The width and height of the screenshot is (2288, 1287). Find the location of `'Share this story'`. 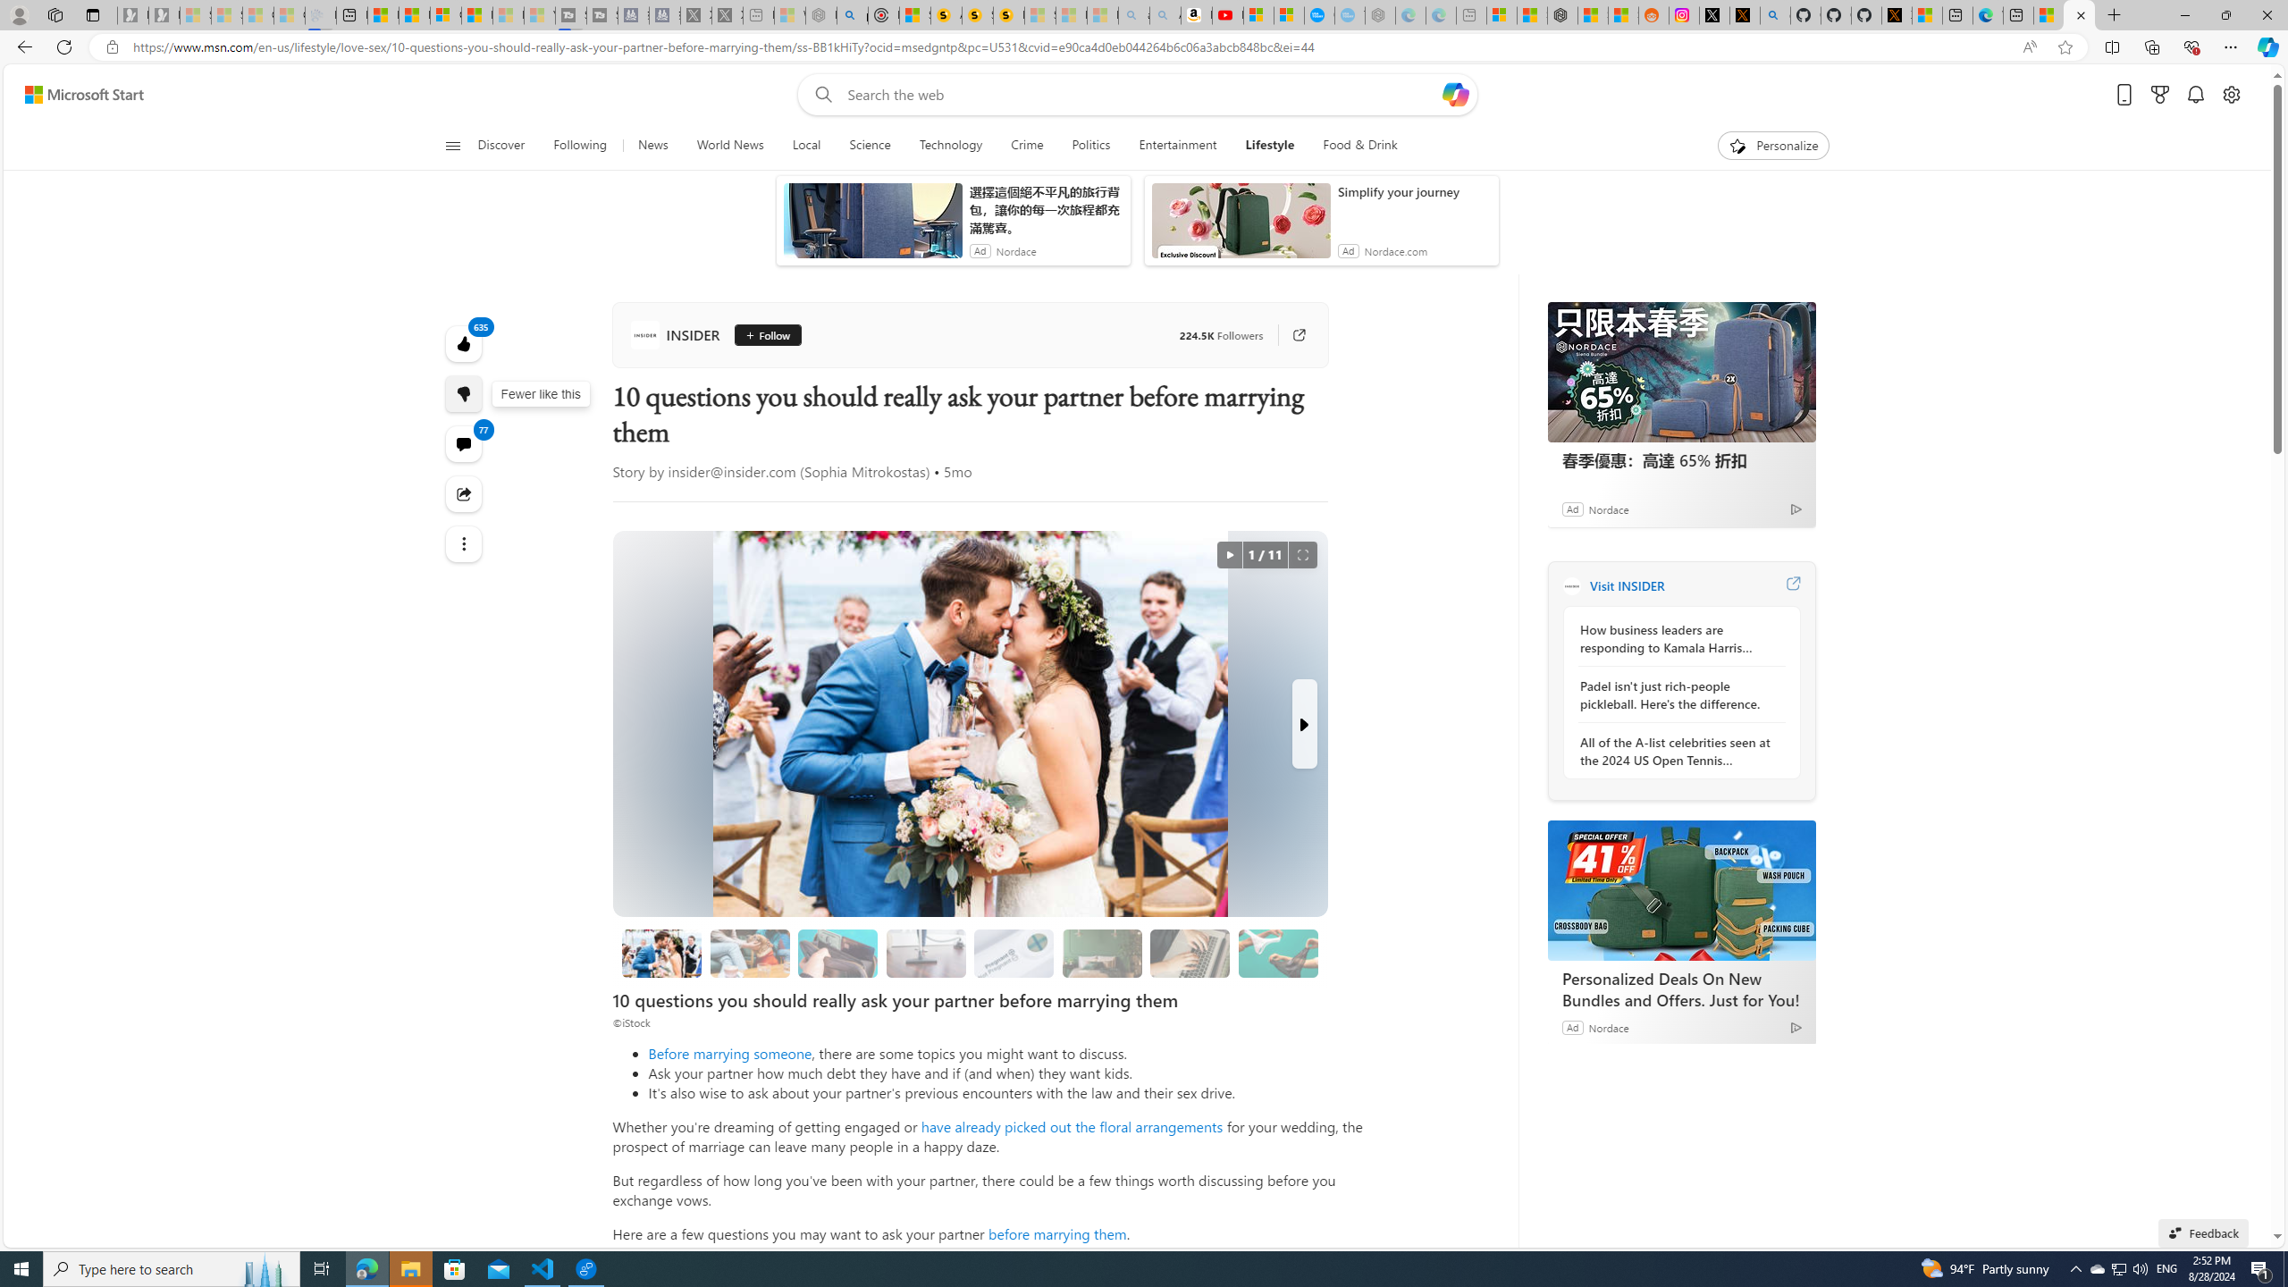

'Share this story' is located at coordinates (463, 492).